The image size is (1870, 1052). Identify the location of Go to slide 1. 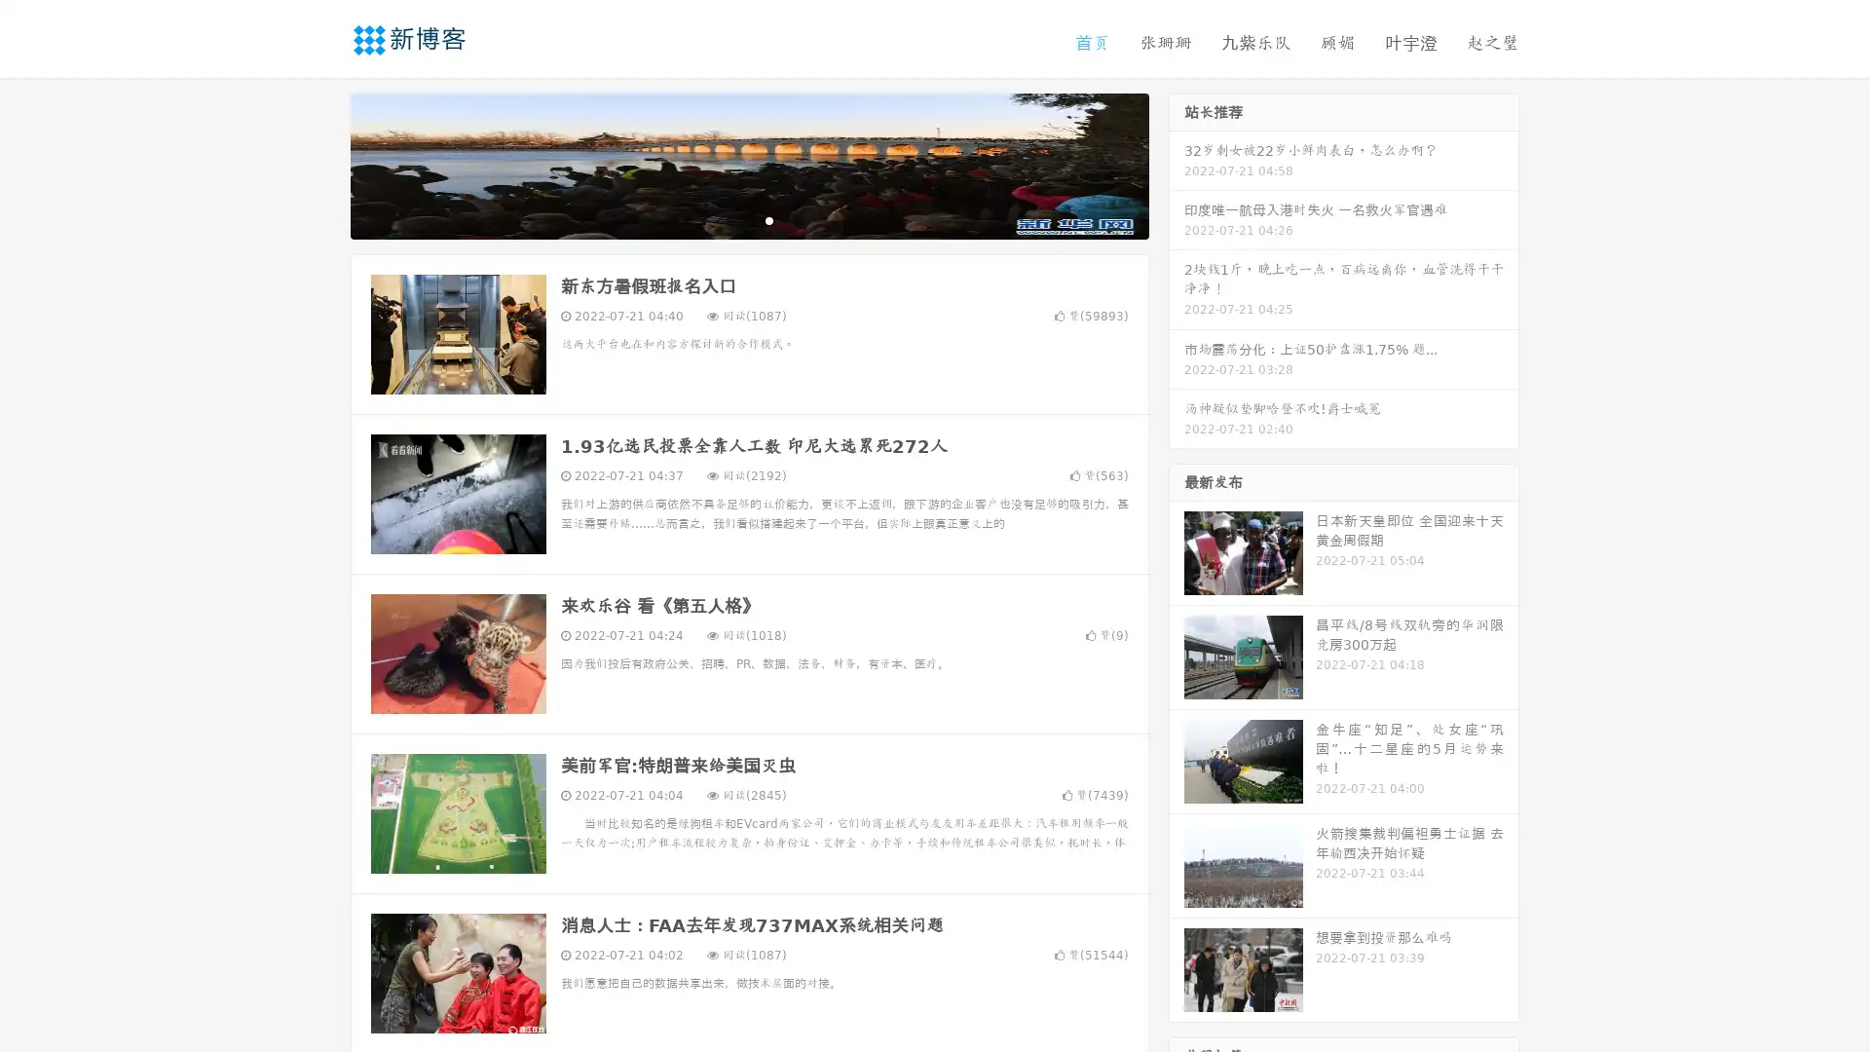
(729, 219).